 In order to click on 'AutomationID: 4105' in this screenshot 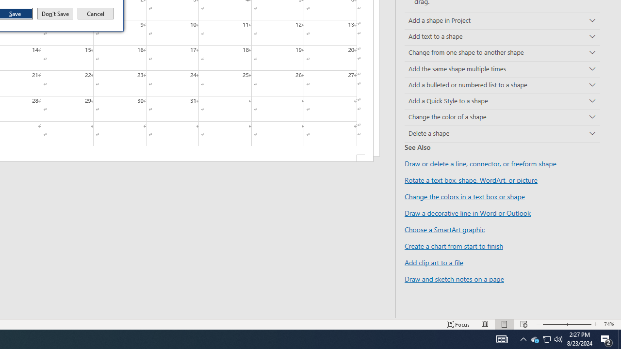, I will do `click(485, 324)`.